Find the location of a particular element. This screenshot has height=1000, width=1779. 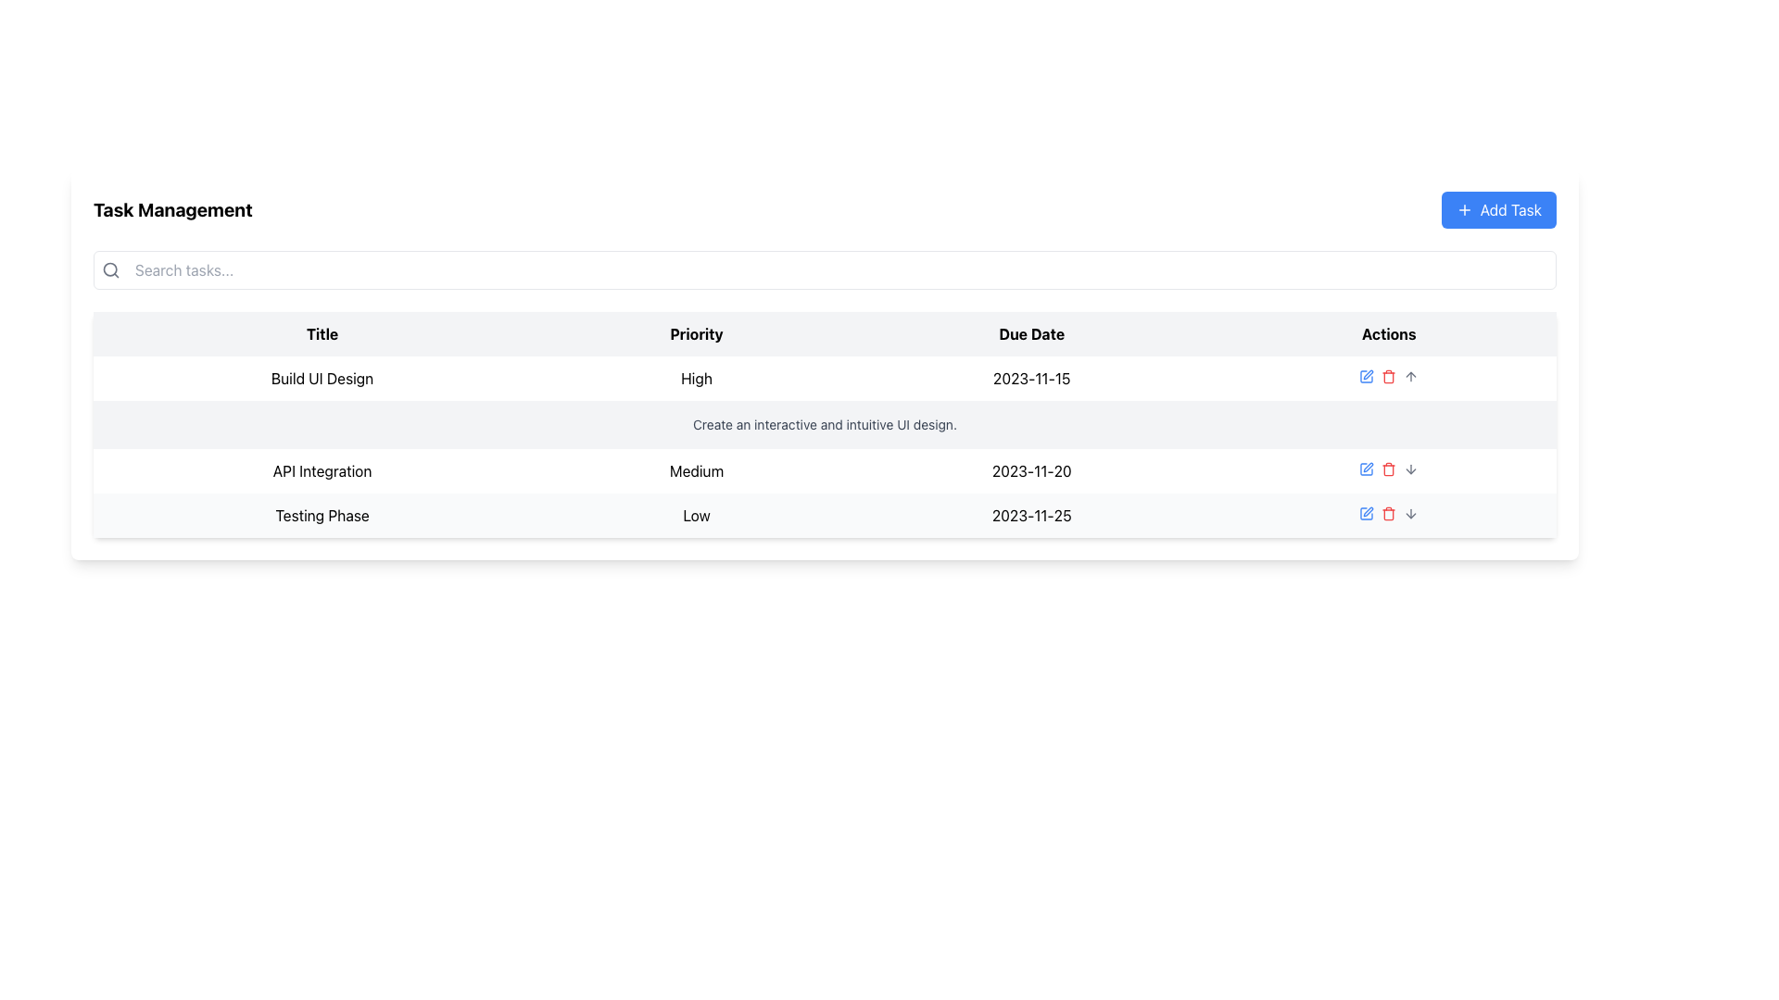

the 'Add Task' icon located to the left of the 'Add Task' text in the button at the top-right corner of the layout is located at coordinates (1463, 209).